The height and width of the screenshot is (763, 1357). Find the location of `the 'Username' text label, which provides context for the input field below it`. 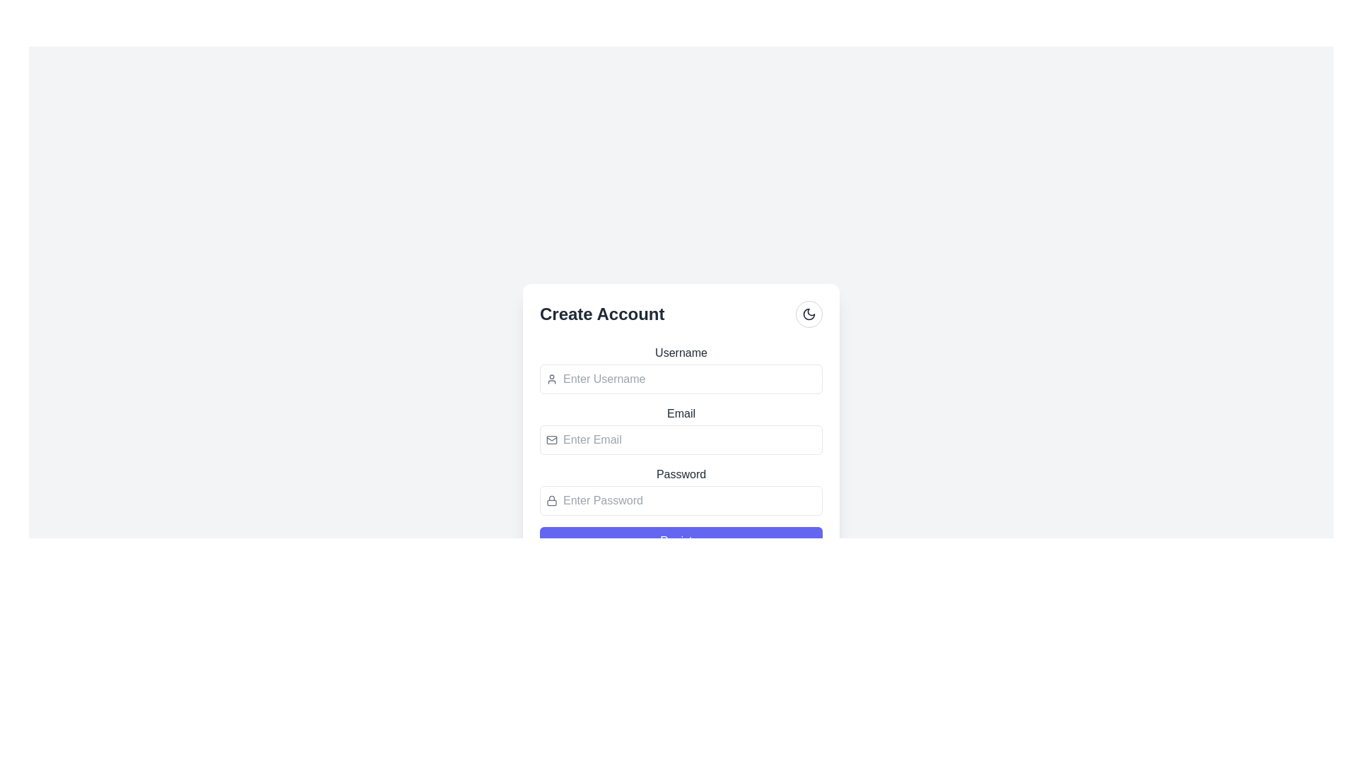

the 'Username' text label, which provides context for the input field below it is located at coordinates (681, 353).